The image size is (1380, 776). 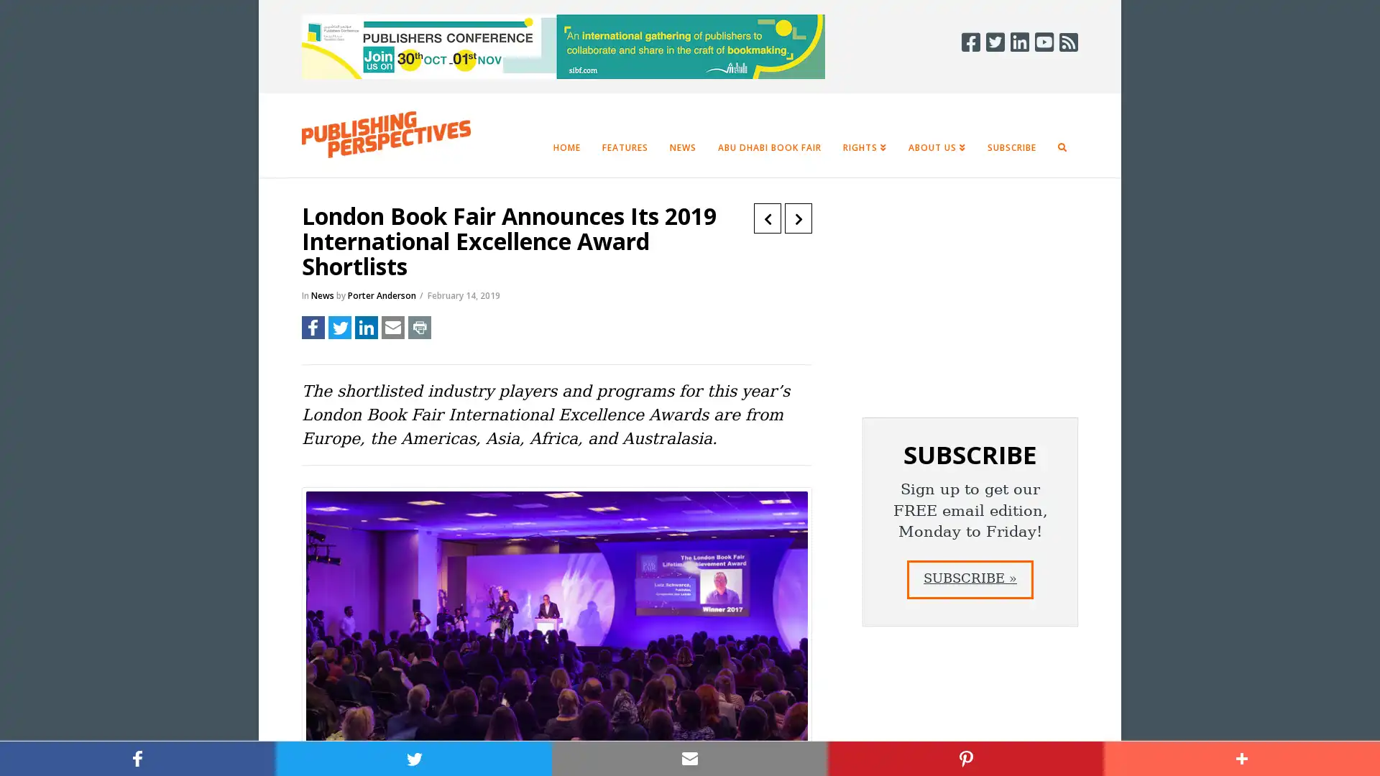 I want to click on Share to Print, so click(x=419, y=327).